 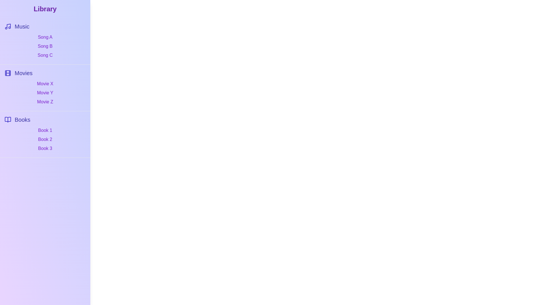 What do you see at coordinates (45, 119) in the screenshot?
I see `the category Books to select it` at bounding box center [45, 119].